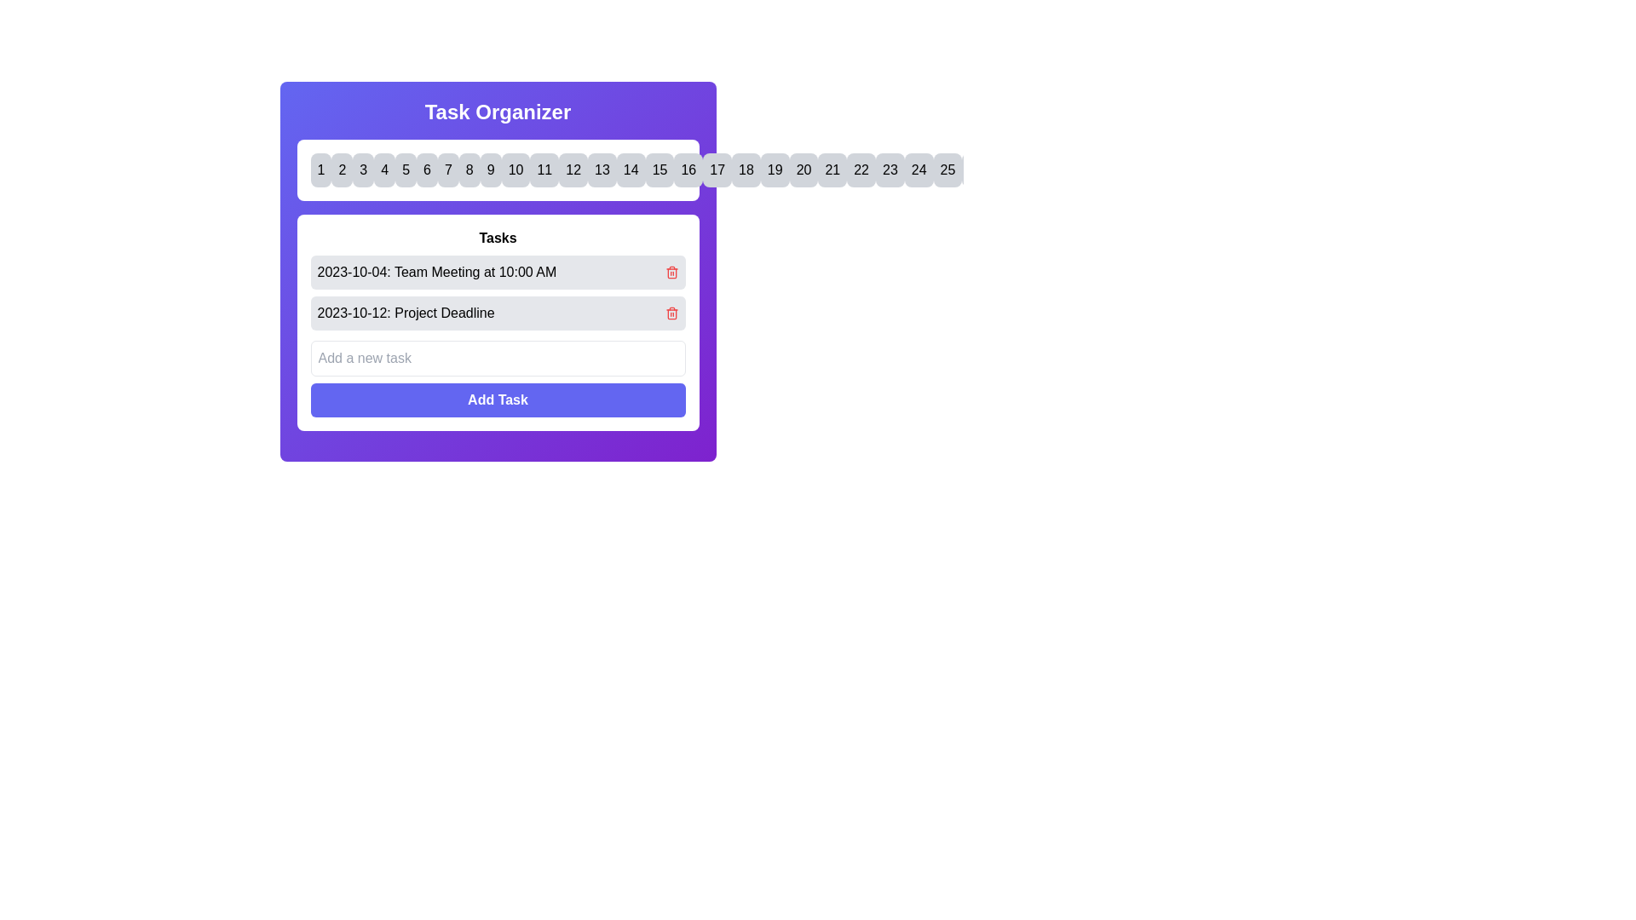  What do you see at coordinates (362, 170) in the screenshot?
I see `the small rectangular button with rounded corners displaying the number '3' in bold black text` at bounding box center [362, 170].